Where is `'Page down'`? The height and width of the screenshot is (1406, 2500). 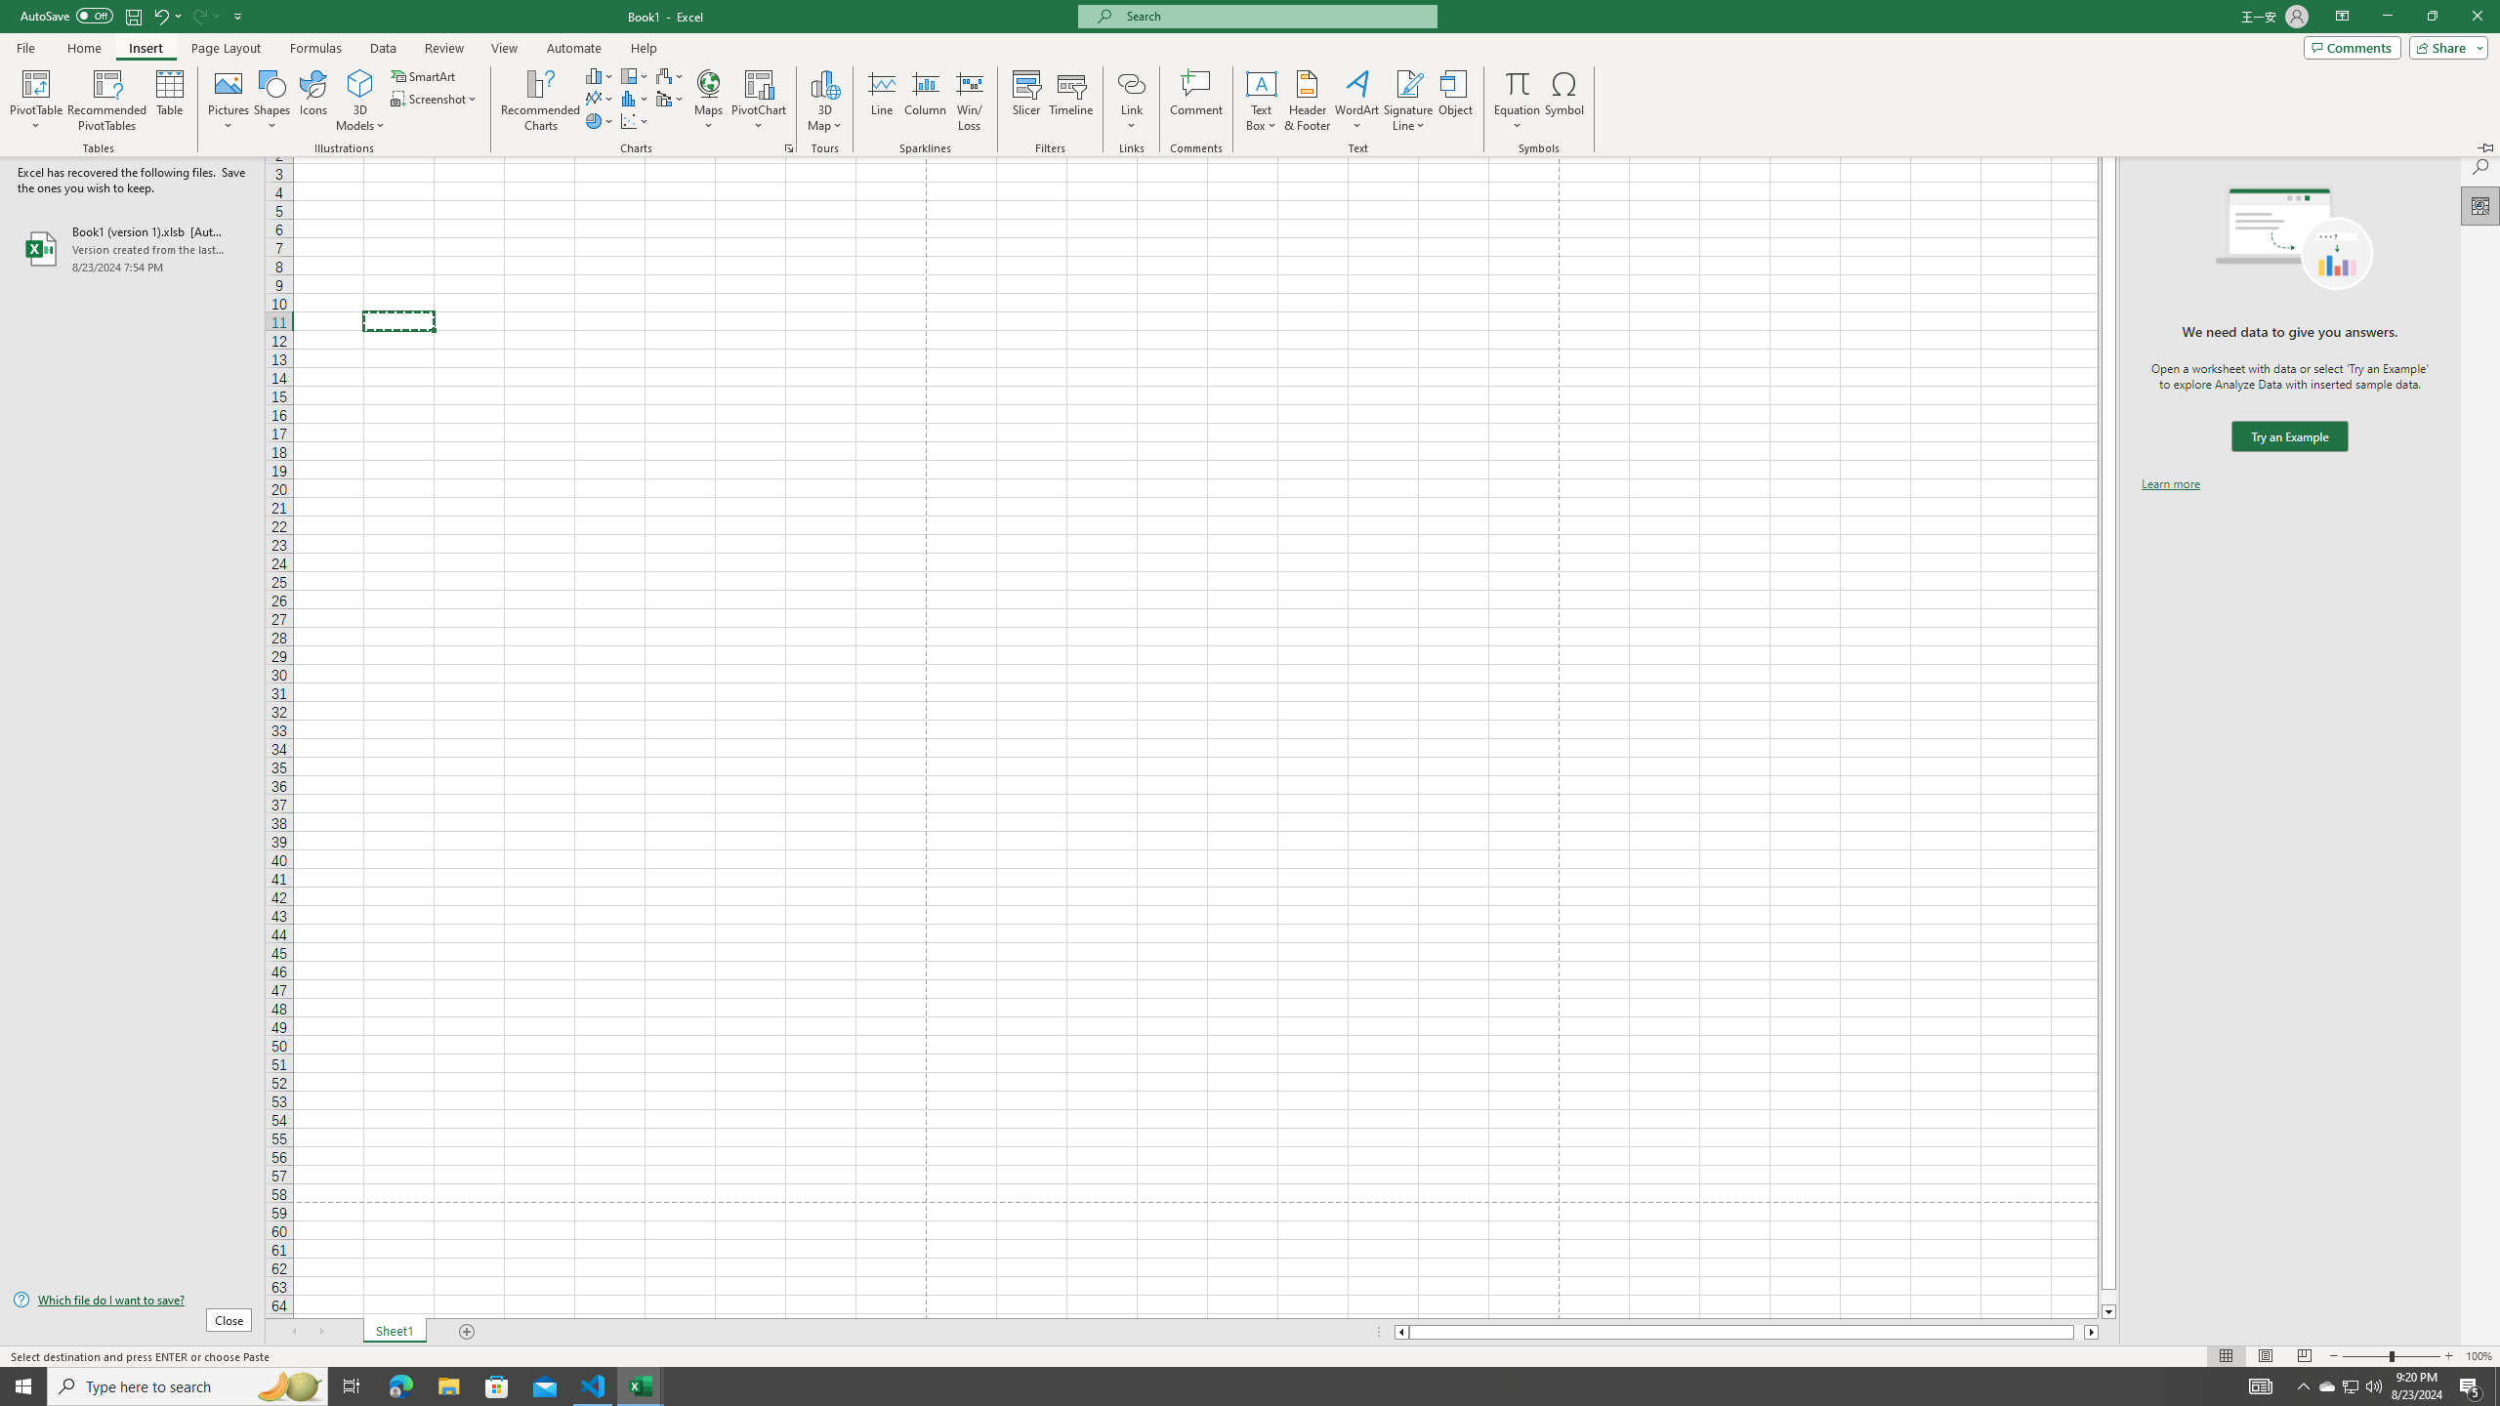 'Page down' is located at coordinates (2108, 1297).